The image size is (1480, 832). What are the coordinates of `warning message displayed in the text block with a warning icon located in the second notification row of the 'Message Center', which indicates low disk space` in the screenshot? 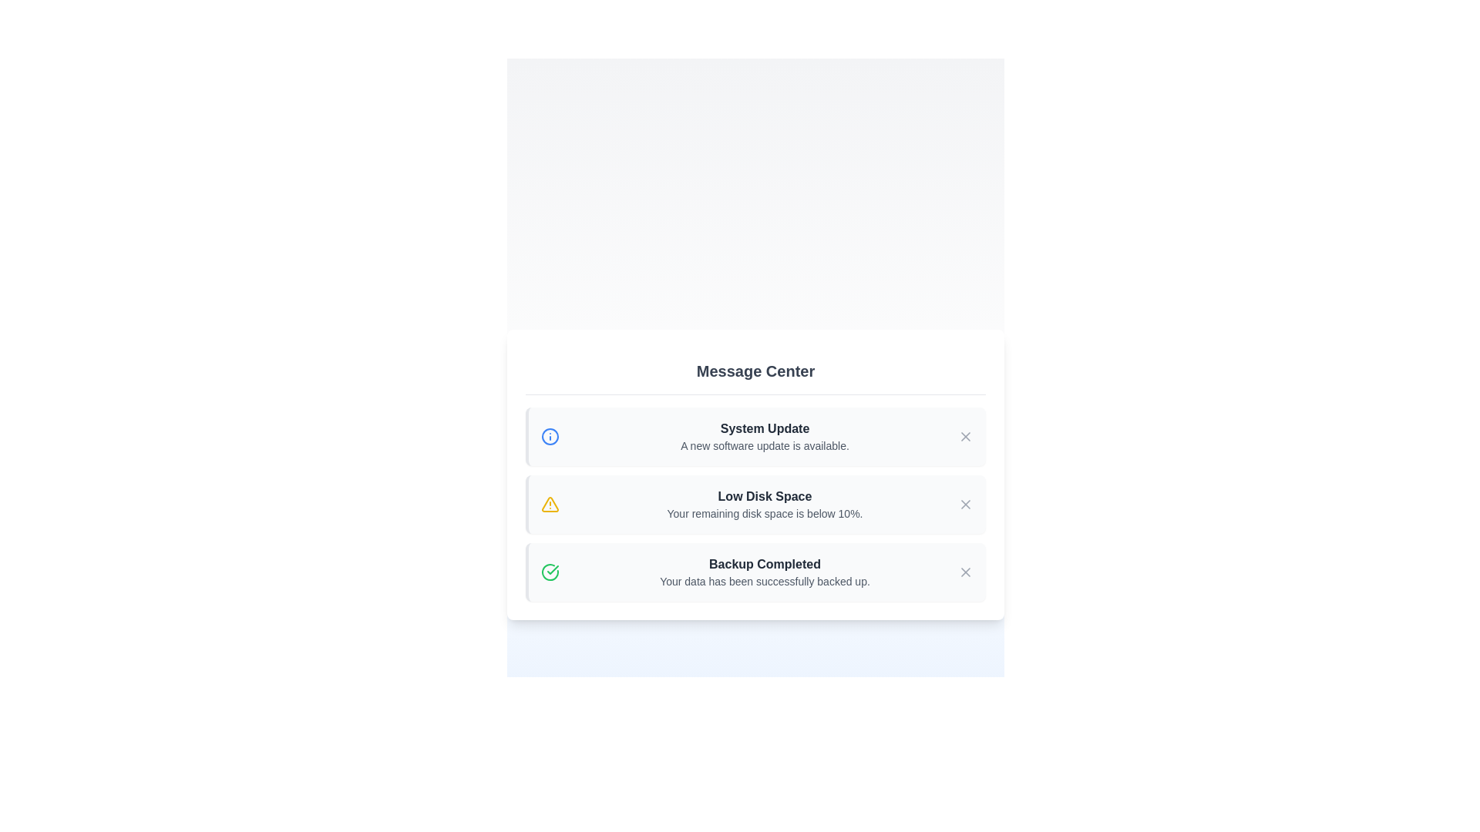 It's located at (765, 504).